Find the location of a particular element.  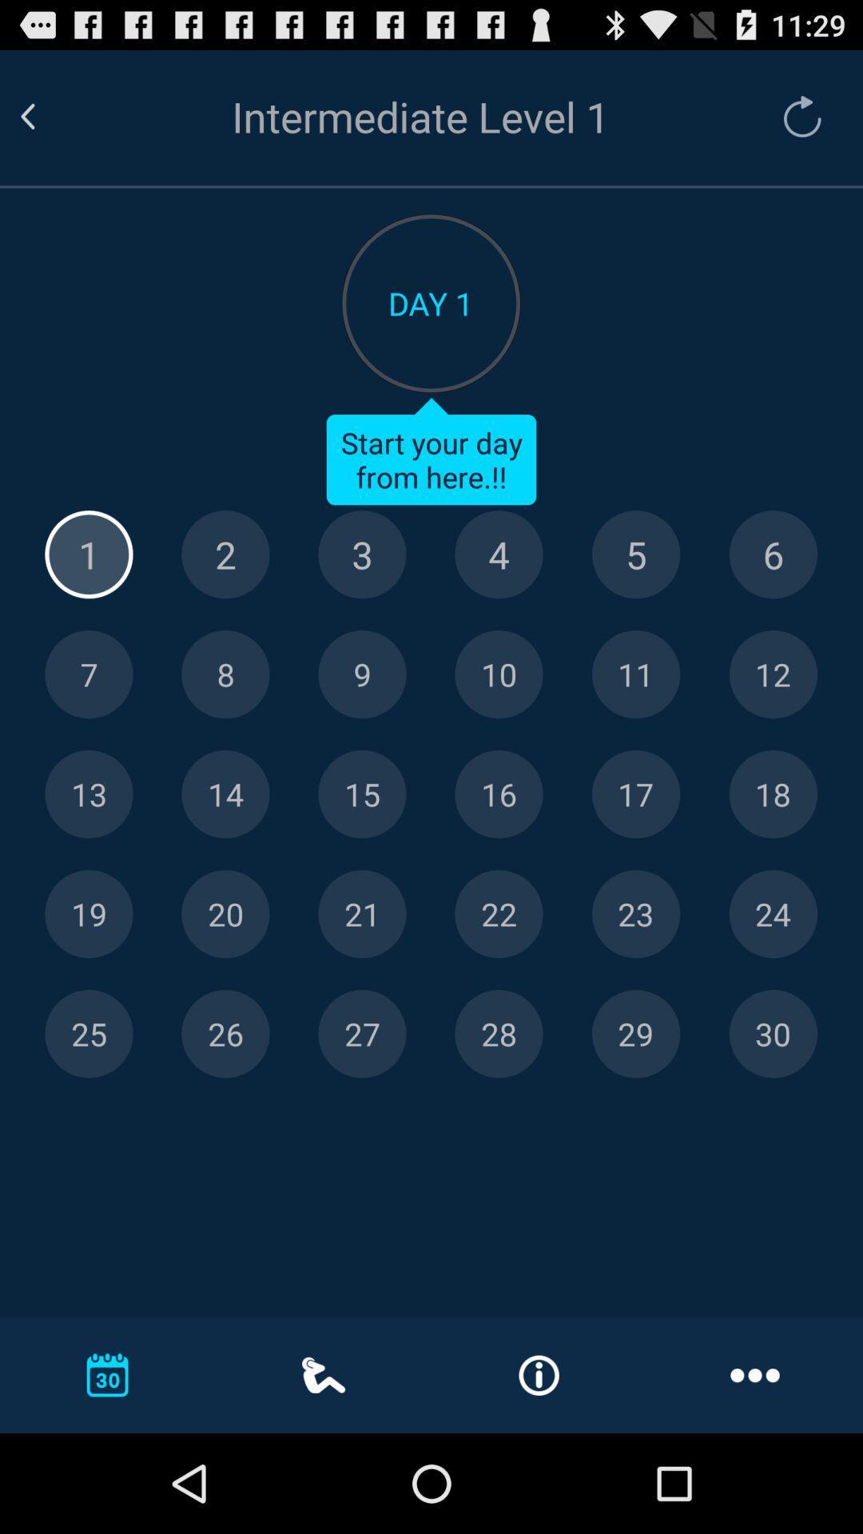

day 7 is located at coordinates (89, 674).